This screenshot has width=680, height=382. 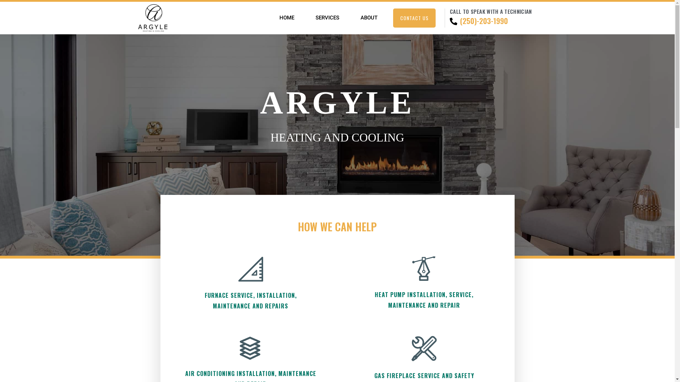 I want to click on 'SERVICES', so click(x=327, y=17).